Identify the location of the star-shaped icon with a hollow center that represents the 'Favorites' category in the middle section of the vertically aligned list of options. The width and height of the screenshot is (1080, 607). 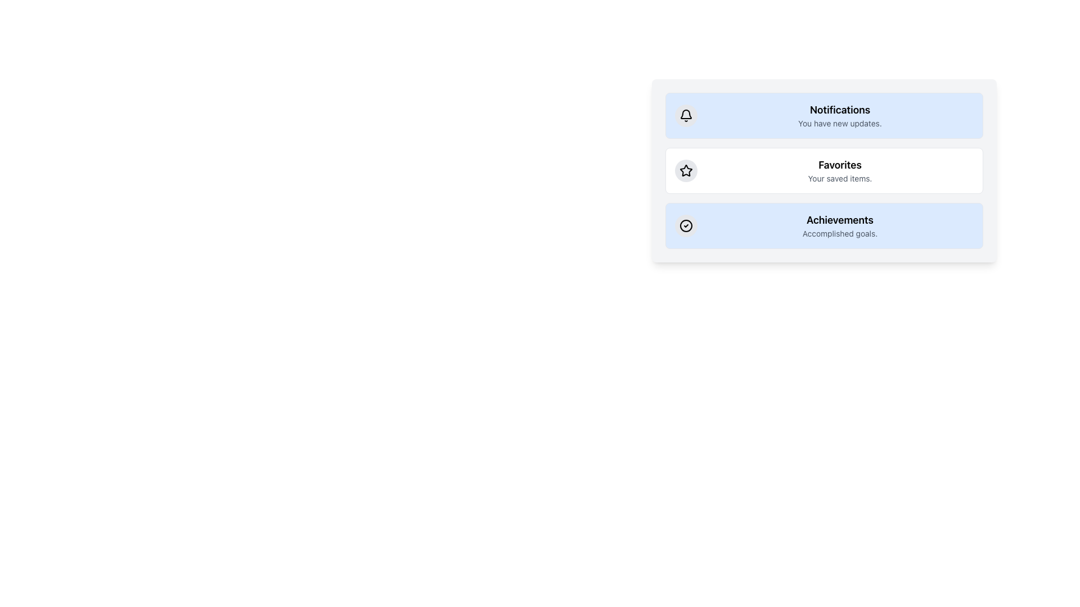
(685, 170).